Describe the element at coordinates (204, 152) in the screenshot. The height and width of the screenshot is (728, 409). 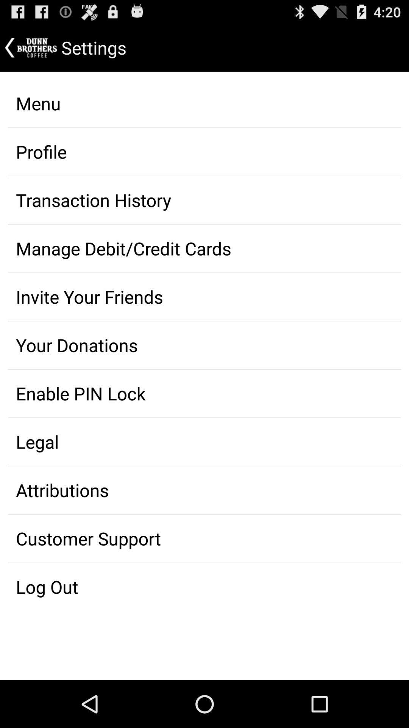
I see `profile` at that location.